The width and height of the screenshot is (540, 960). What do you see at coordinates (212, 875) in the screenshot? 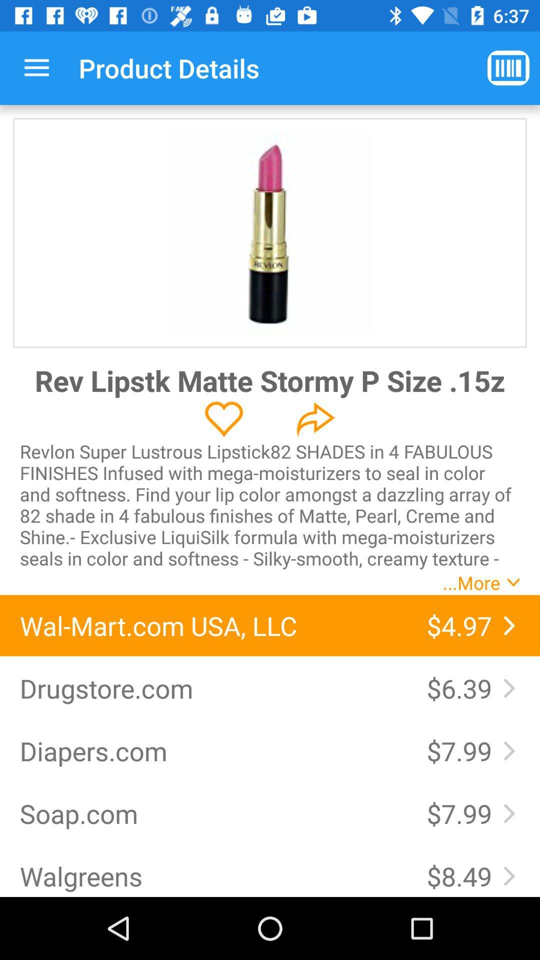
I see `the icon below the soap.com icon` at bounding box center [212, 875].